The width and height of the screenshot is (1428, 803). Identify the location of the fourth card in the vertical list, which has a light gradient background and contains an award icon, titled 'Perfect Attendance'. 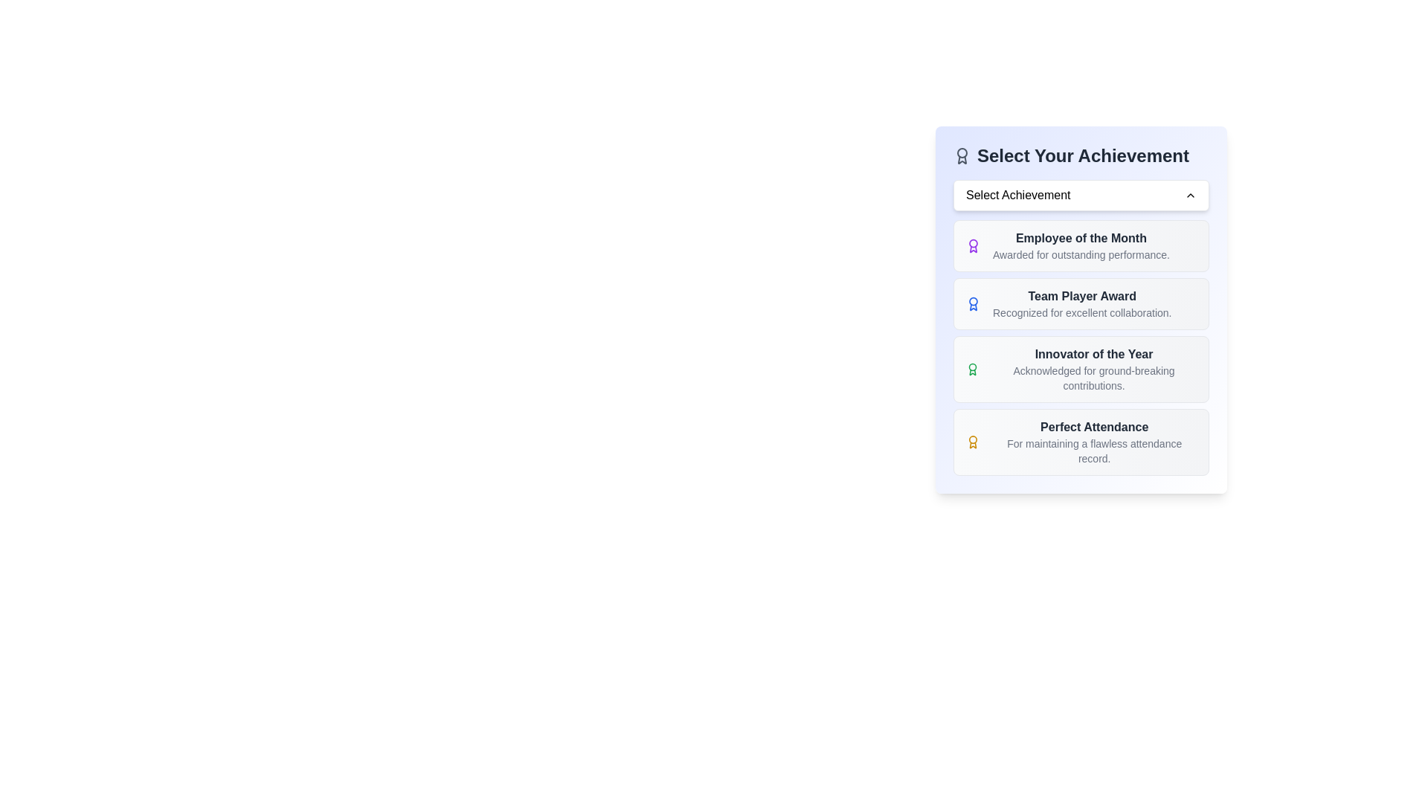
(1081, 441).